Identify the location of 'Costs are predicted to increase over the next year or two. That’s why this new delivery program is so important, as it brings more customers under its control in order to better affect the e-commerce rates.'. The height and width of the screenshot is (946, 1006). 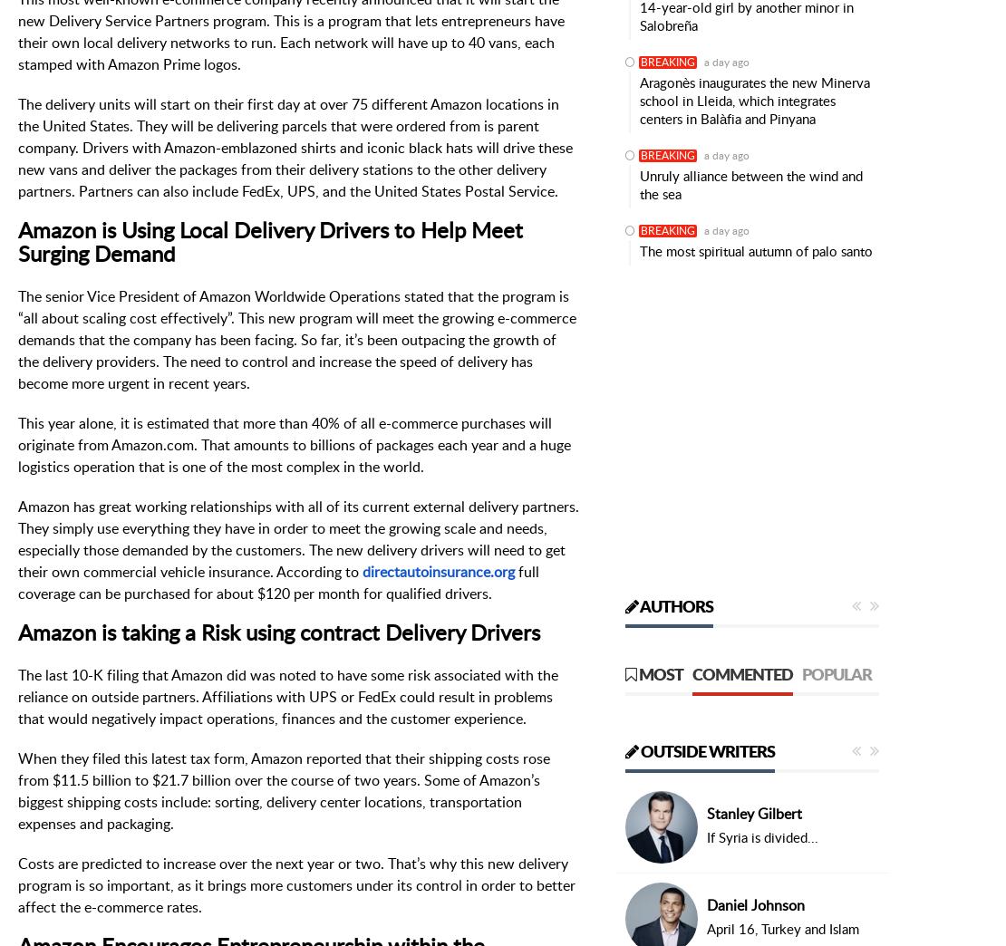
(295, 883).